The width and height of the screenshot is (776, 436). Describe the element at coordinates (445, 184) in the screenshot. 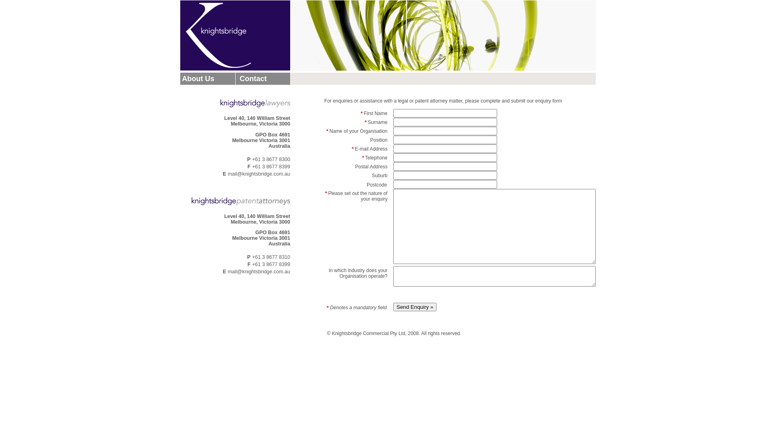

I see `'Postal Address'` at that location.